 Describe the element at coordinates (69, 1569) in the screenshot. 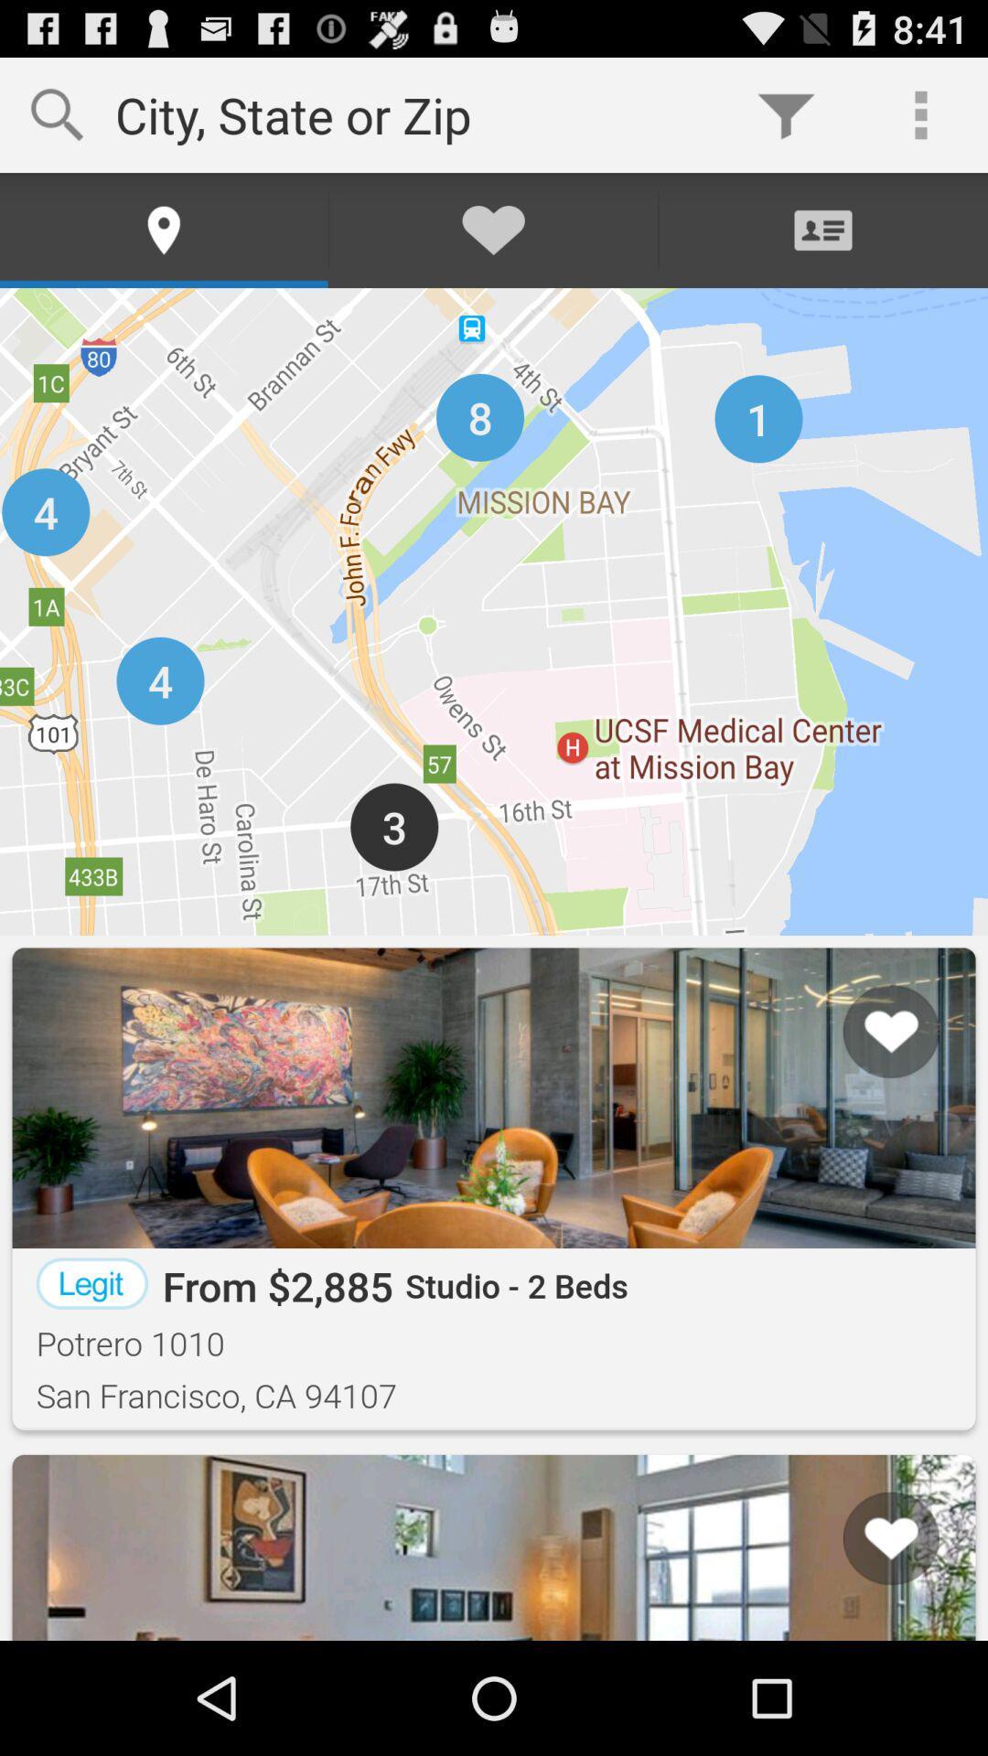

I see `the button next to list icon` at that location.